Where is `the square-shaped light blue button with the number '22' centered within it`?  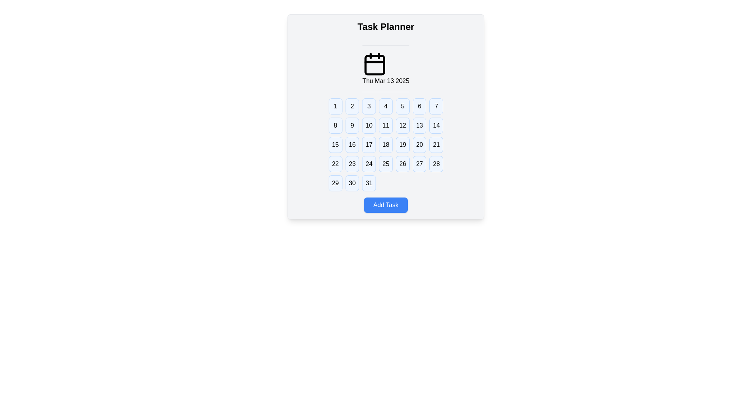 the square-shaped light blue button with the number '22' centered within it is located at coordinates (335, 164).